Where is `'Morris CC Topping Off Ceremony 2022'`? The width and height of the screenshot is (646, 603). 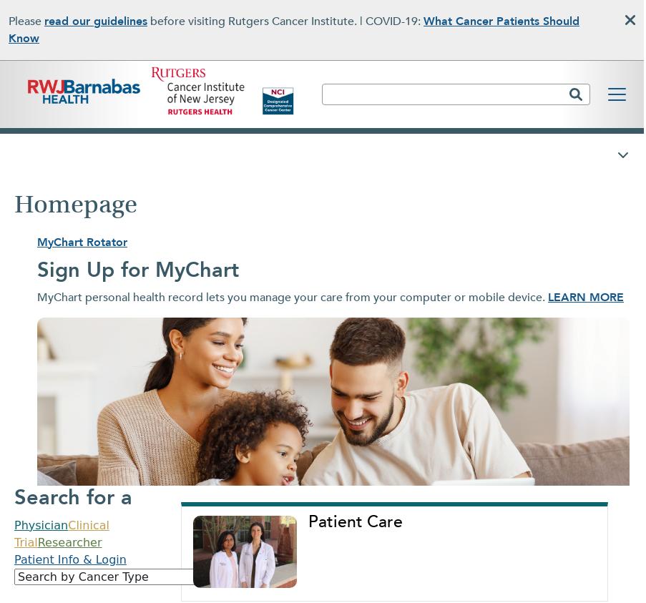 'Morris CC Topping Off Ceremony 2022' is located at coordinates (142, 408).